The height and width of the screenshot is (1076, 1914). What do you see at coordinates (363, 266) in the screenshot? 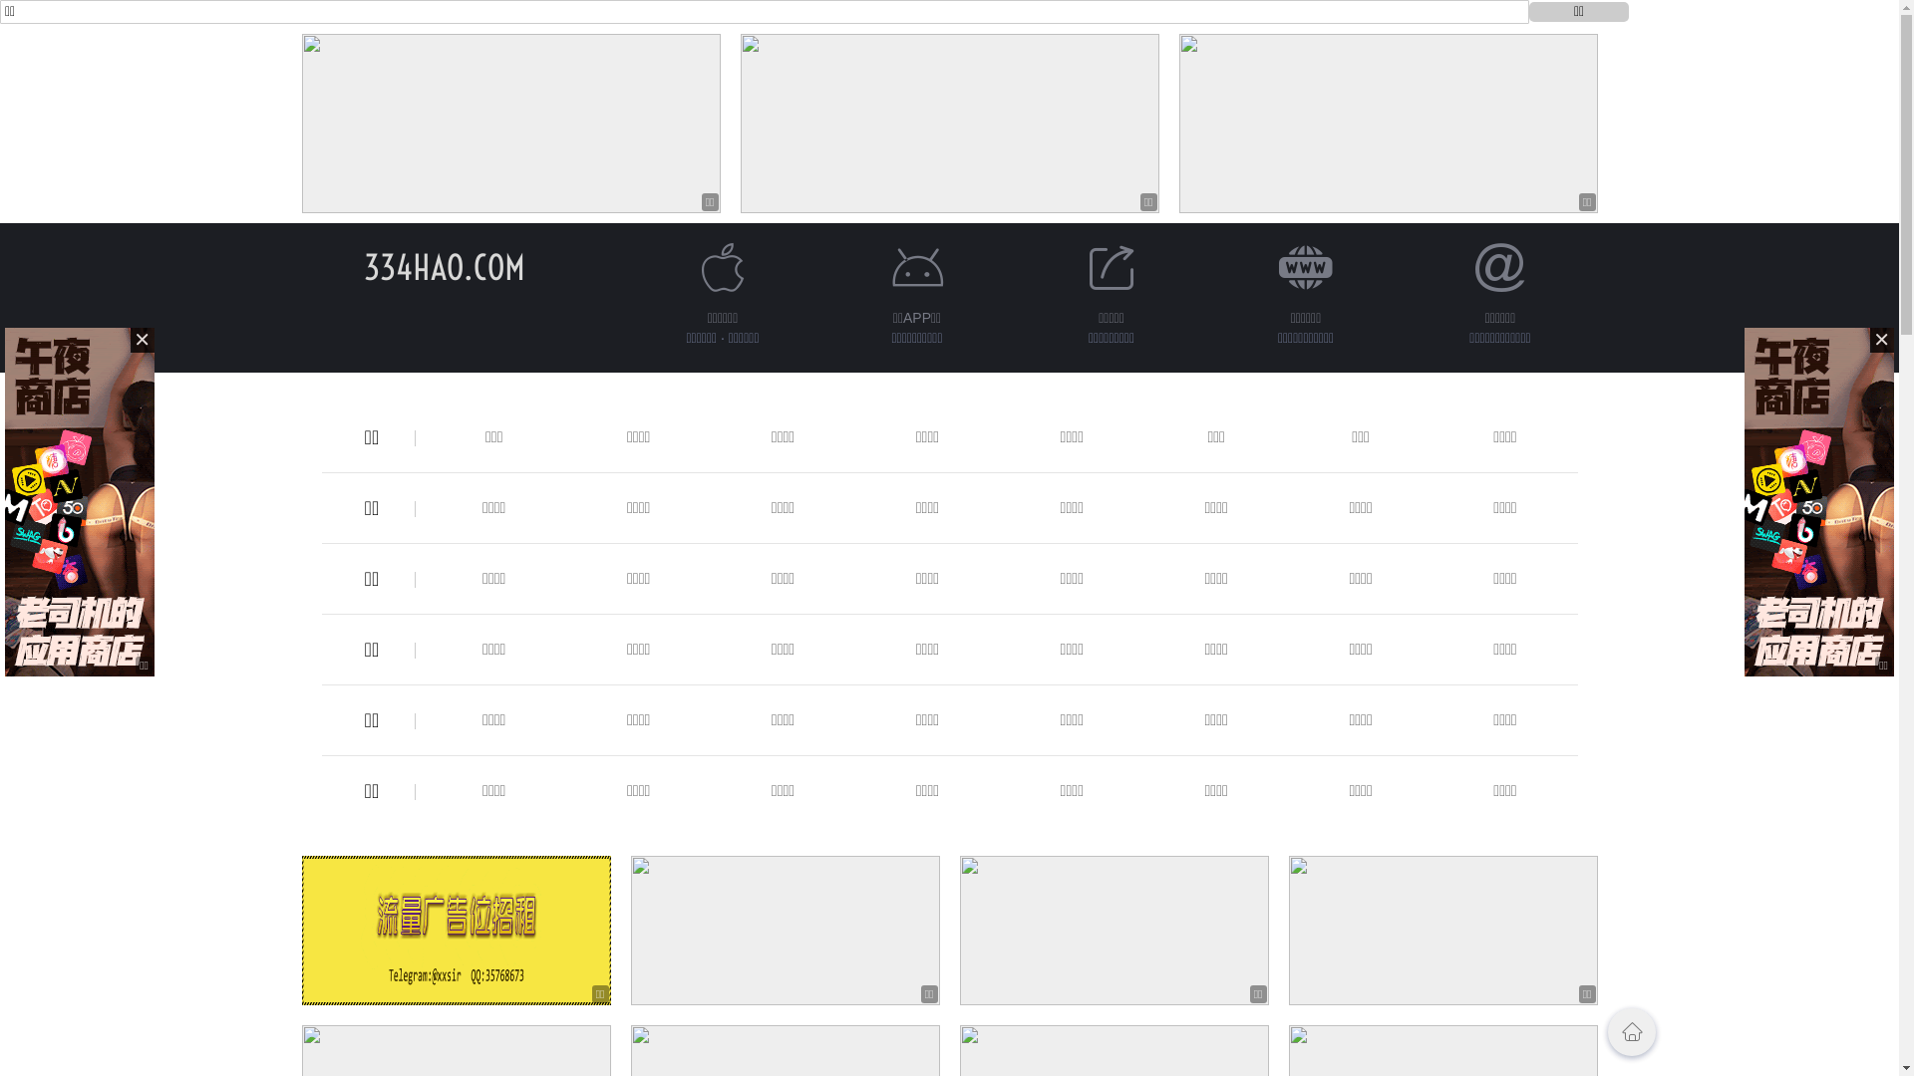
I see `'334HAO.COM'` at bounding box center [363, 266].